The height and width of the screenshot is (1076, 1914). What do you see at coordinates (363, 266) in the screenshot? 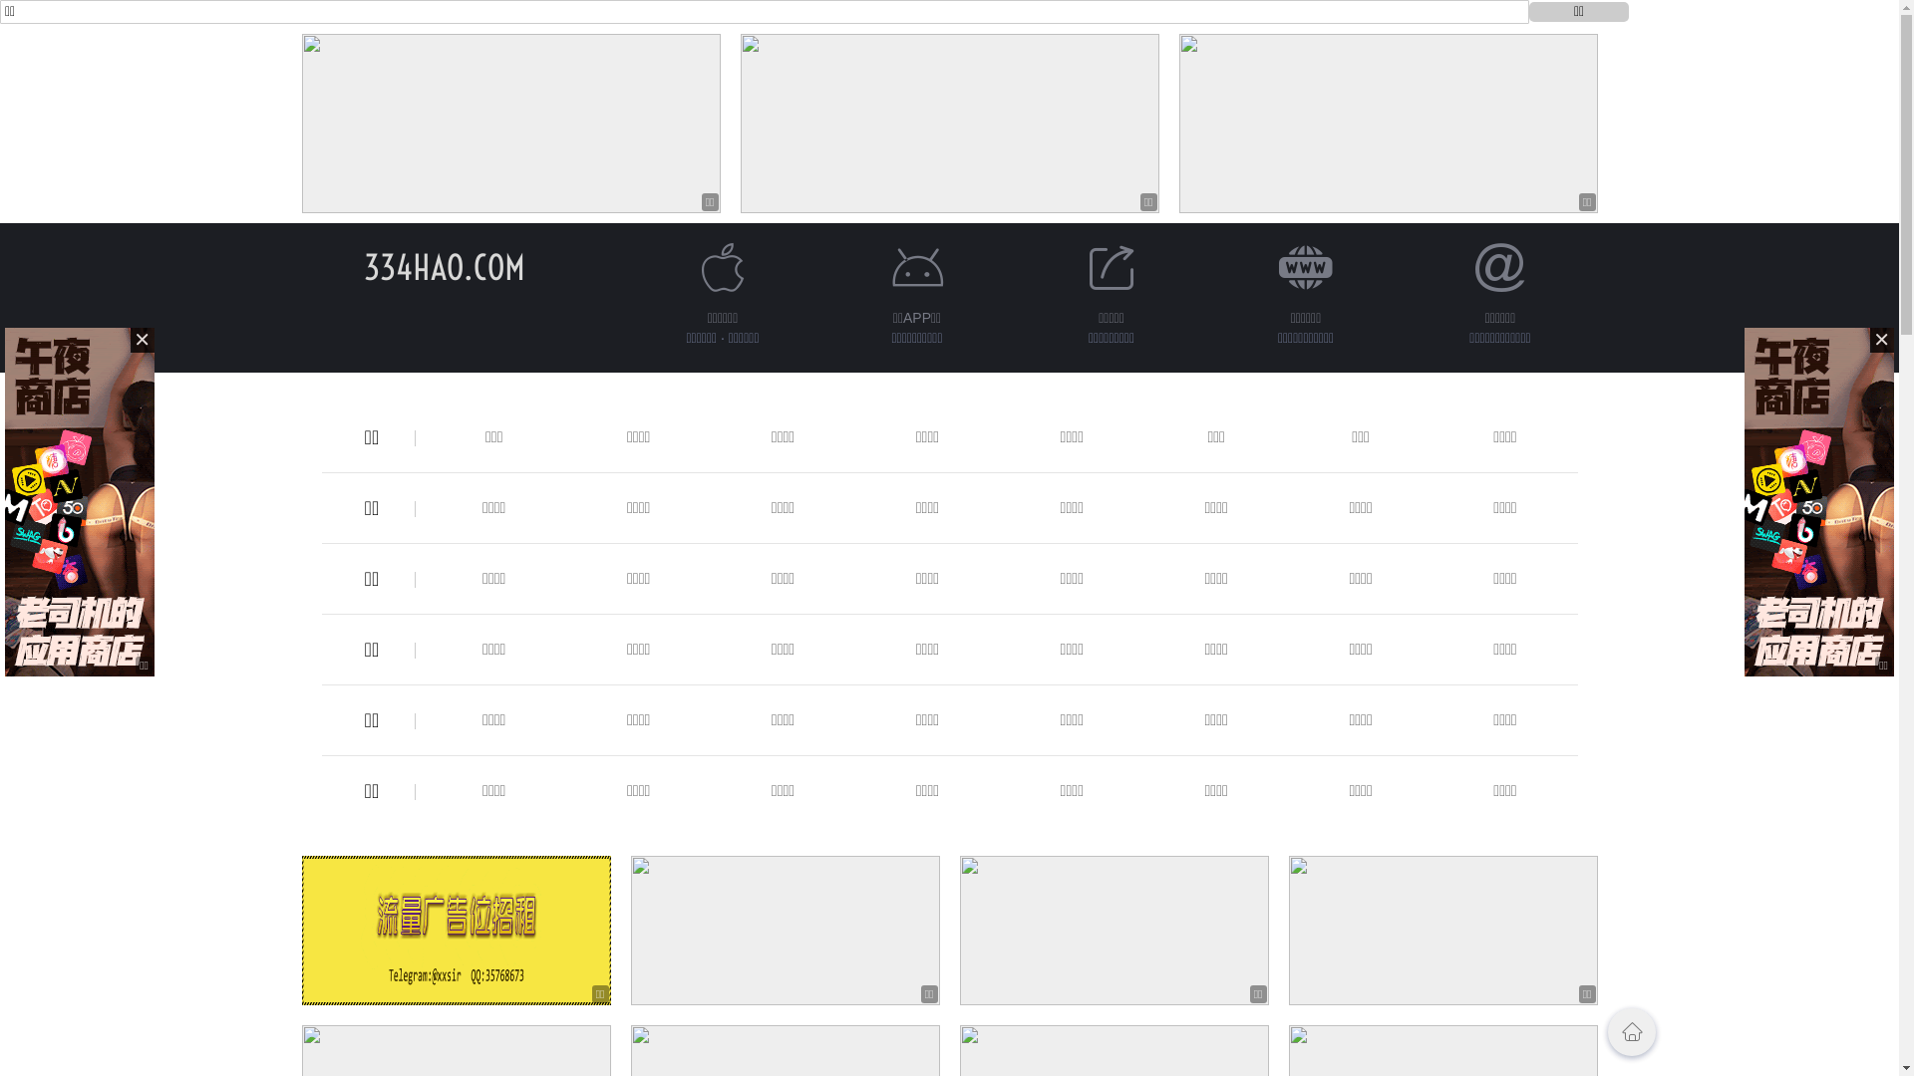
I see `'334HAO.COM'` at bounding box center [363, 266].